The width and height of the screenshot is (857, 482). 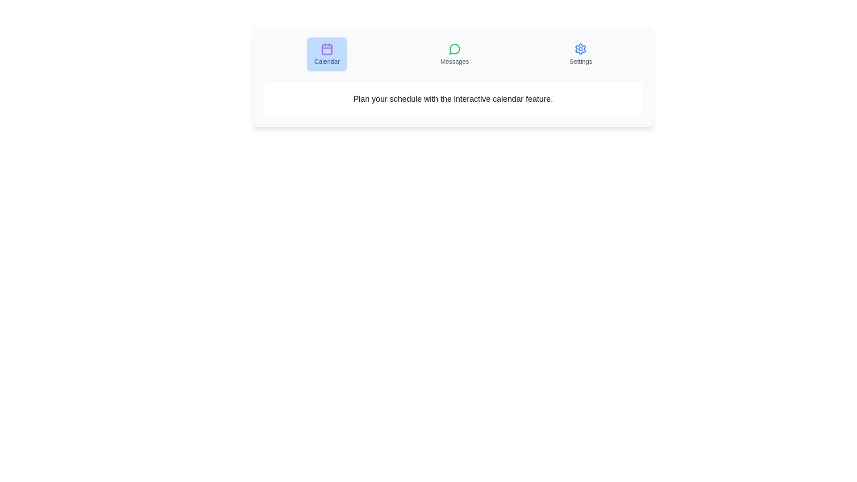 What do you see at coordinates (326, 54) in the screenshot?
I see `the Calendar tab to view its content` at bounding box center [326, 54].